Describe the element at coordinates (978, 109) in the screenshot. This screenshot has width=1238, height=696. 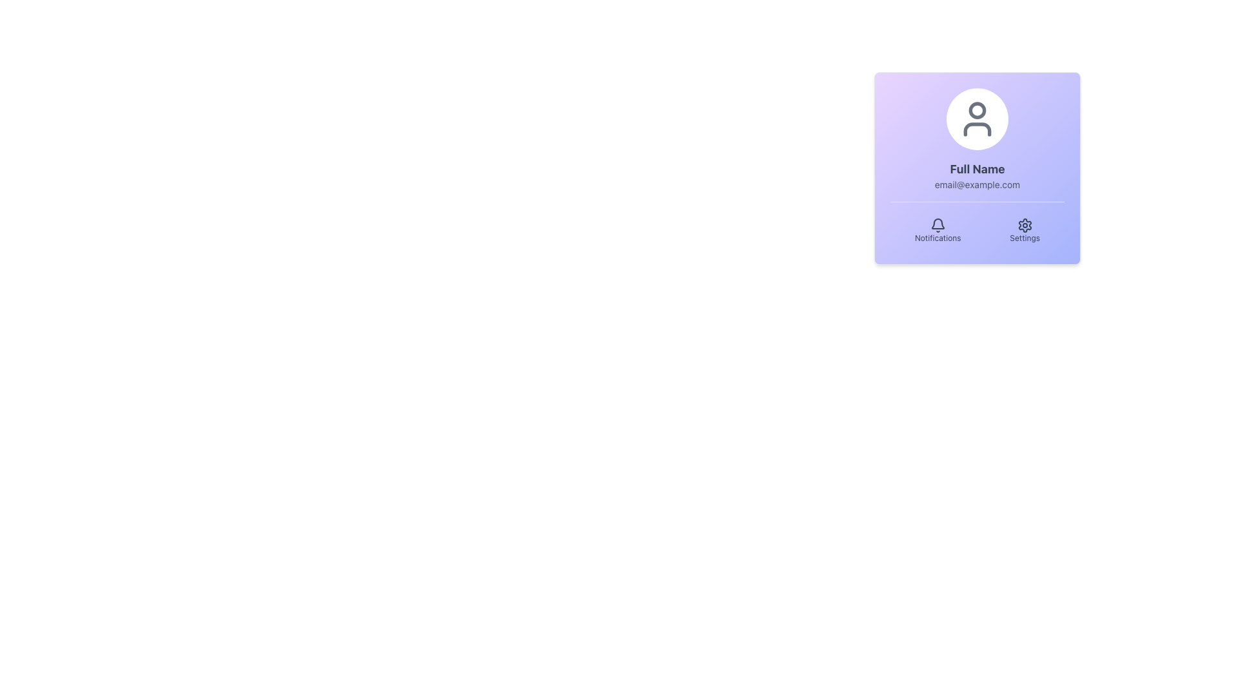
I see `the circular face part of the outlined person icon located at the top-center of the user's card` at that location.